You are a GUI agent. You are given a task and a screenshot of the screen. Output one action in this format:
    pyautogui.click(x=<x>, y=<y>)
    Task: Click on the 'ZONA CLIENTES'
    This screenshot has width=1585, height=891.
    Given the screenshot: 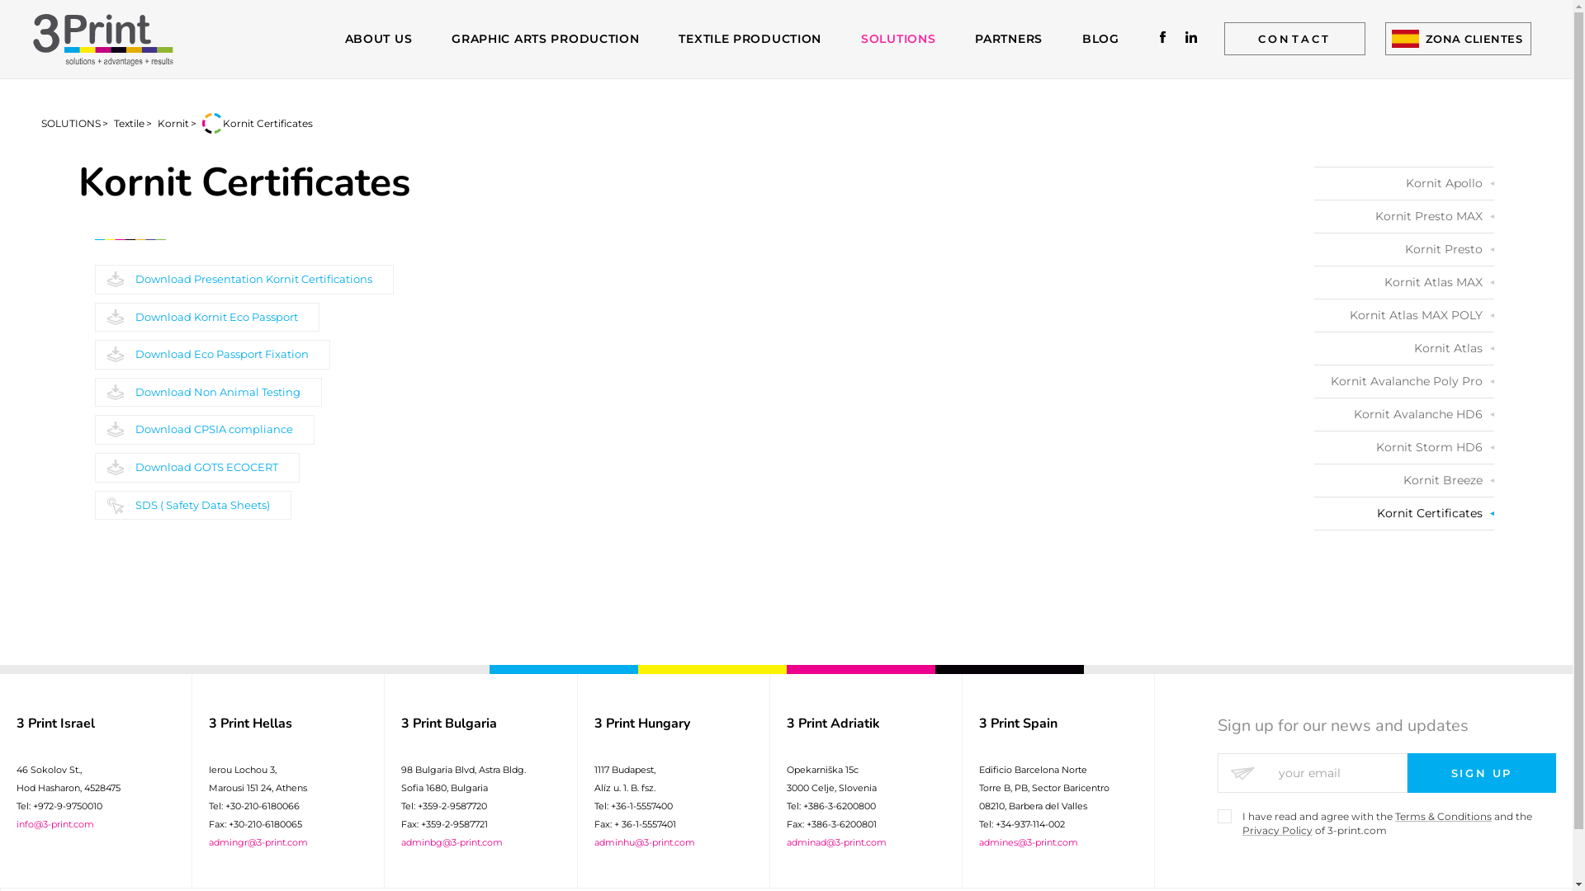 What is the action you would take?
    pyautogui.click(x=1385, y=37)
    